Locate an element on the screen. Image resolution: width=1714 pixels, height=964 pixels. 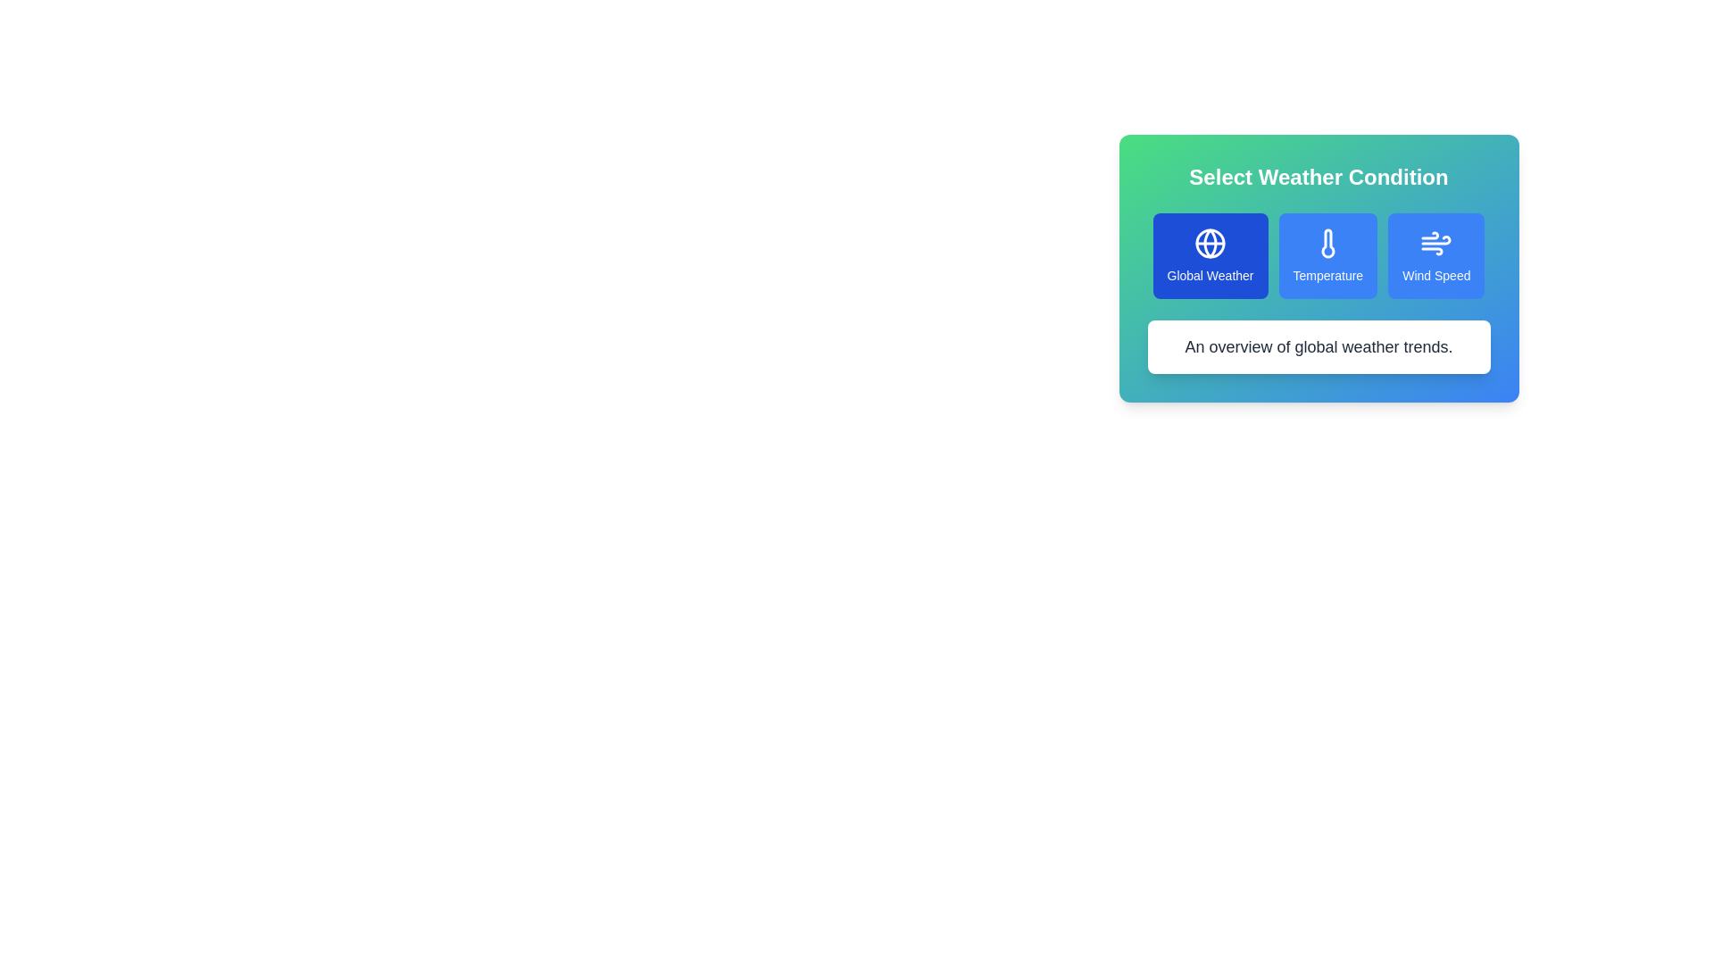
the button corresponding to Global Weather to select the desired weather condition is located at coordinates (1211, 255).